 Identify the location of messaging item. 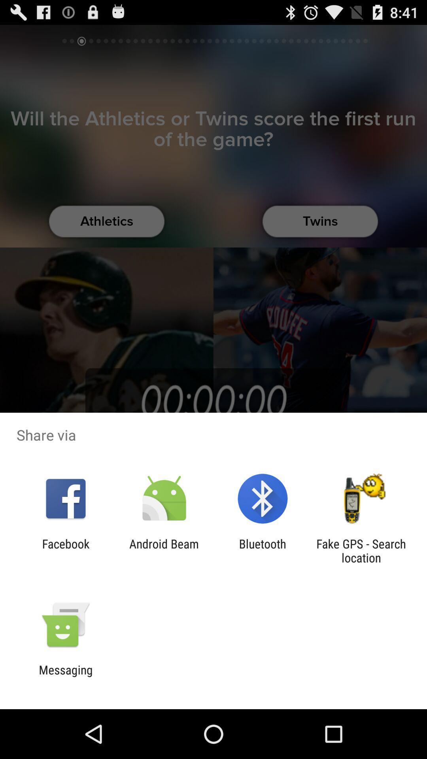
(65, 676).